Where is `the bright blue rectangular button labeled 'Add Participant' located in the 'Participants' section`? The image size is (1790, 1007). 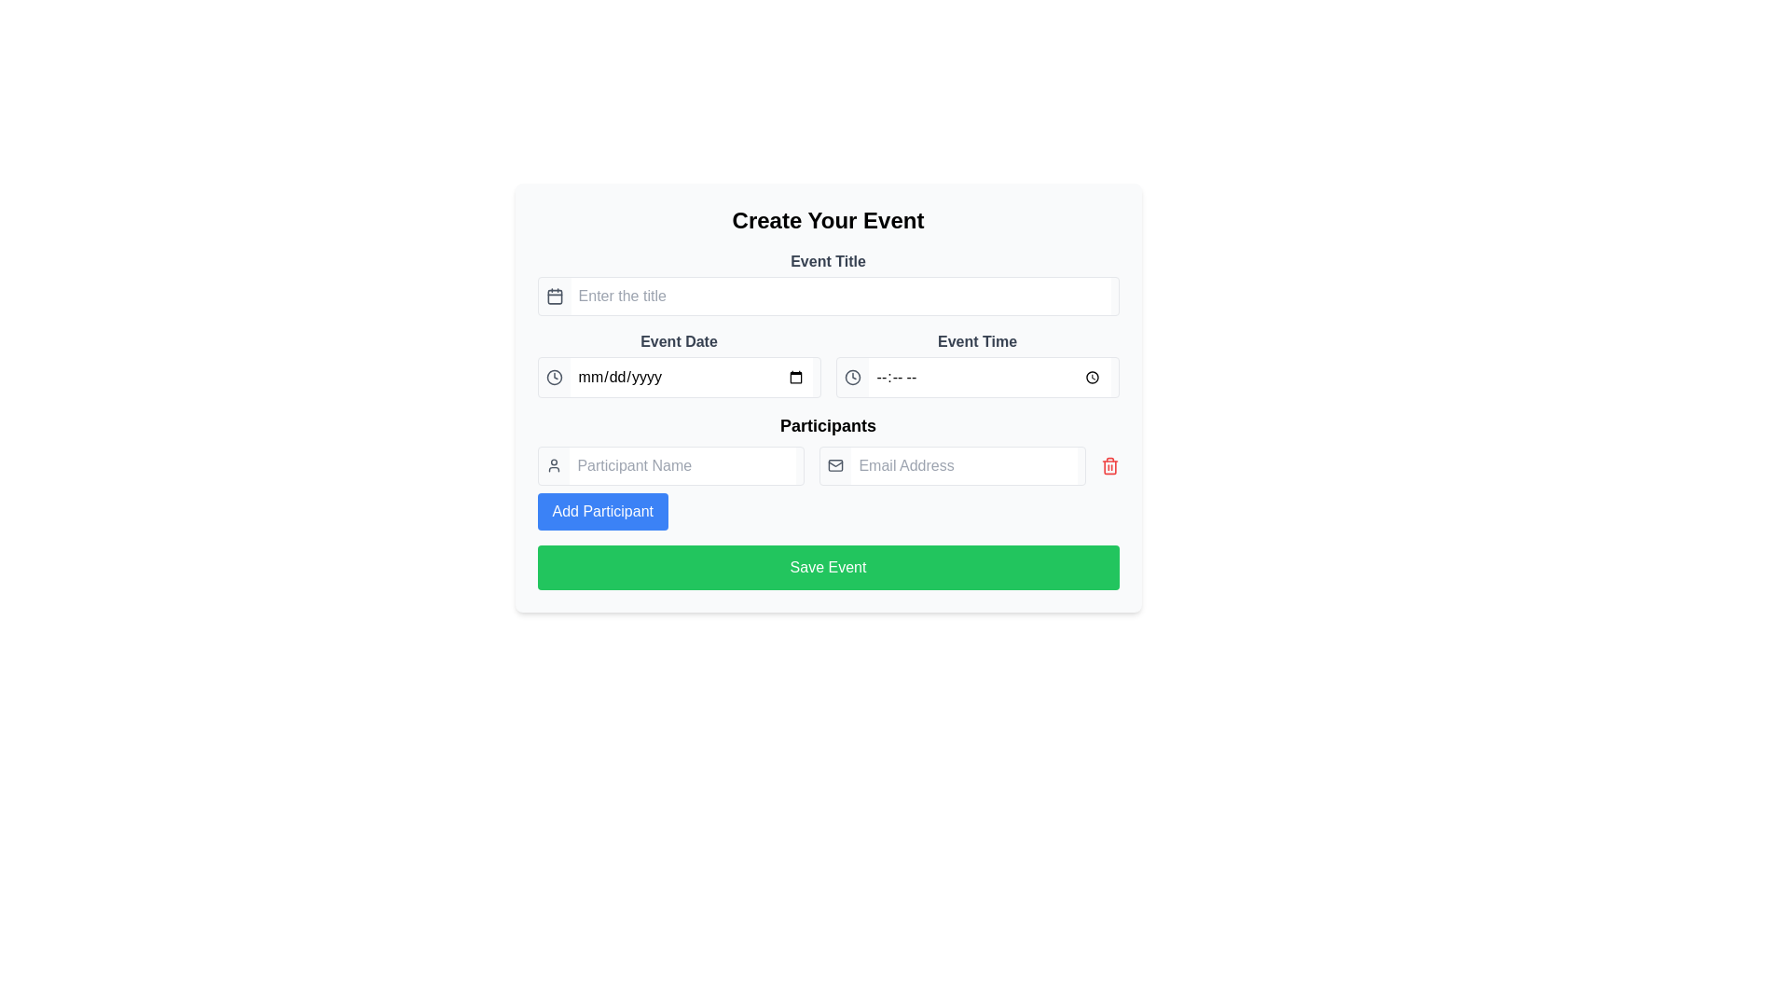
the bright blue rectangular button labeled 'Add Participant' located in the 'Participants' section is located at coordinates (602, 511).